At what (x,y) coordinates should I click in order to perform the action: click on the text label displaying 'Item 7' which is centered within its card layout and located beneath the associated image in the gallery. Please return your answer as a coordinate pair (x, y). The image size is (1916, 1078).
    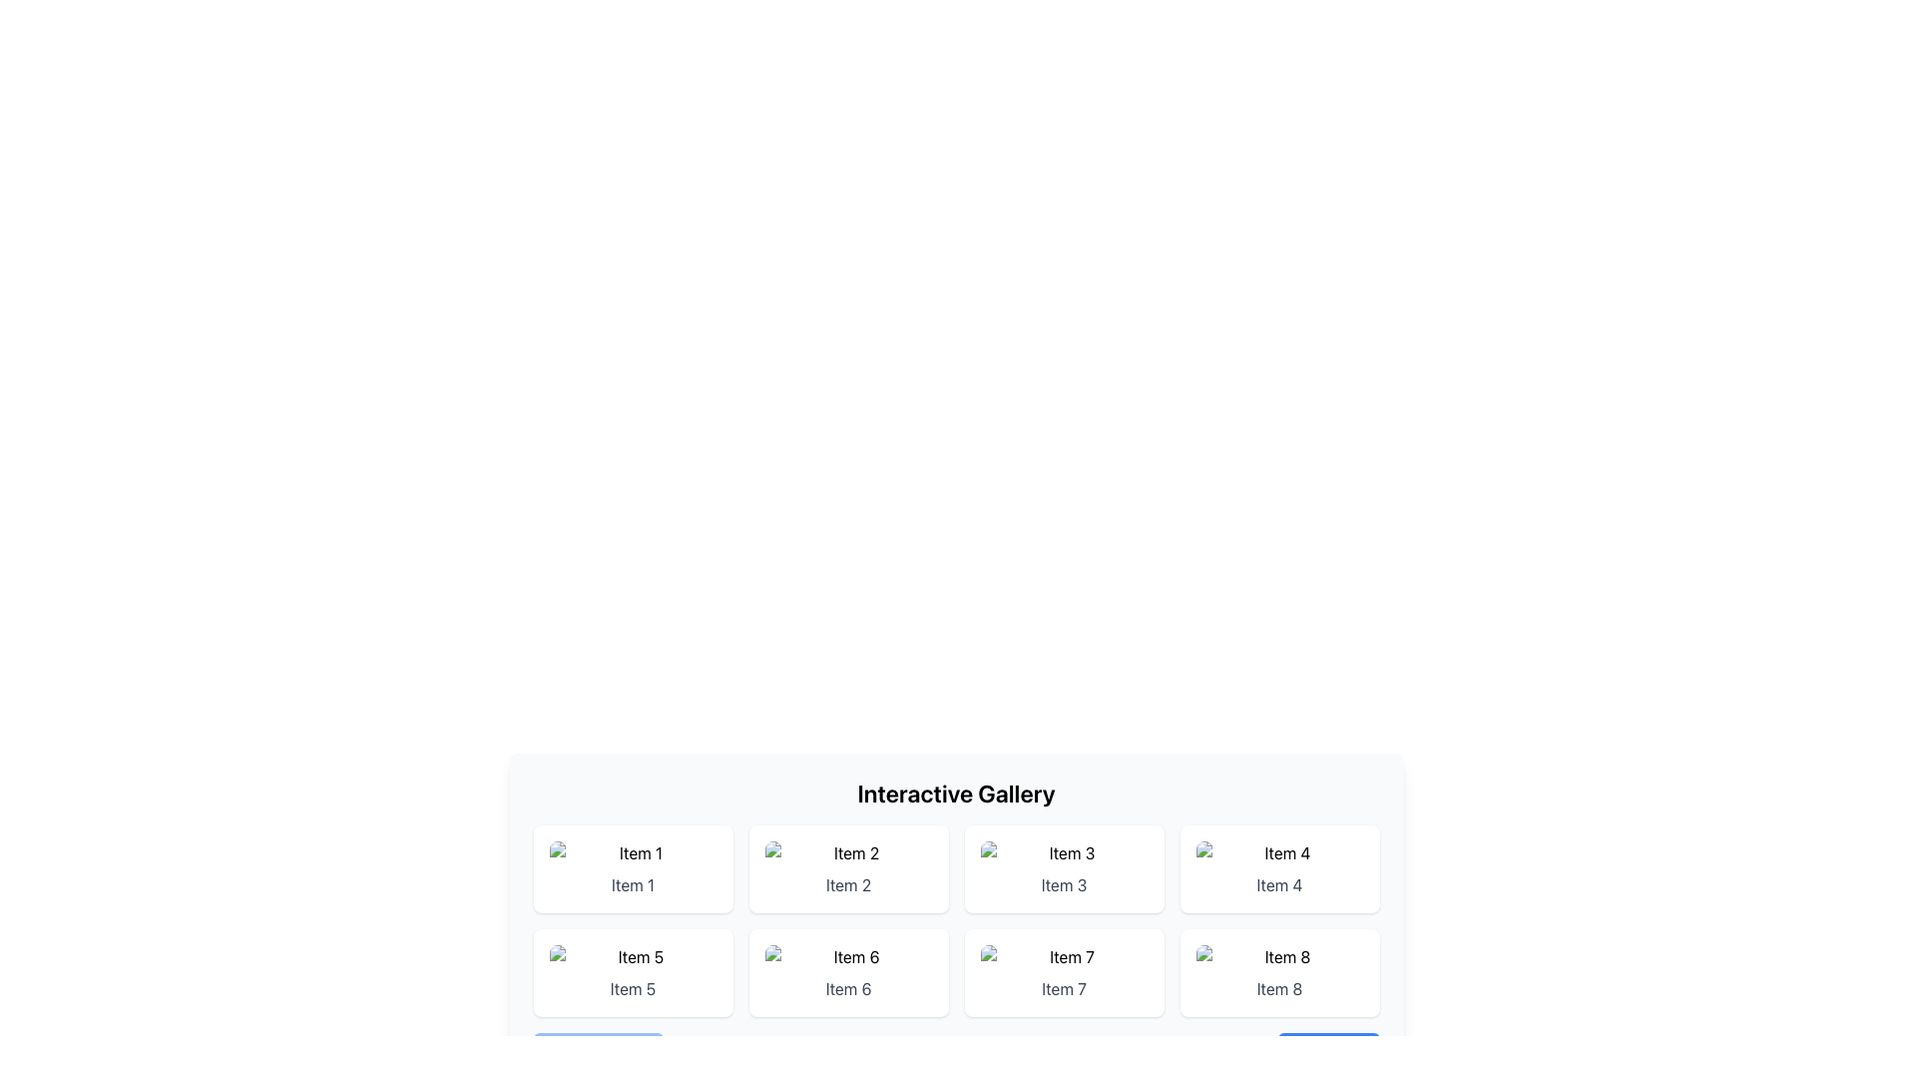
    Looking at the image, I should click on (1063, 989).